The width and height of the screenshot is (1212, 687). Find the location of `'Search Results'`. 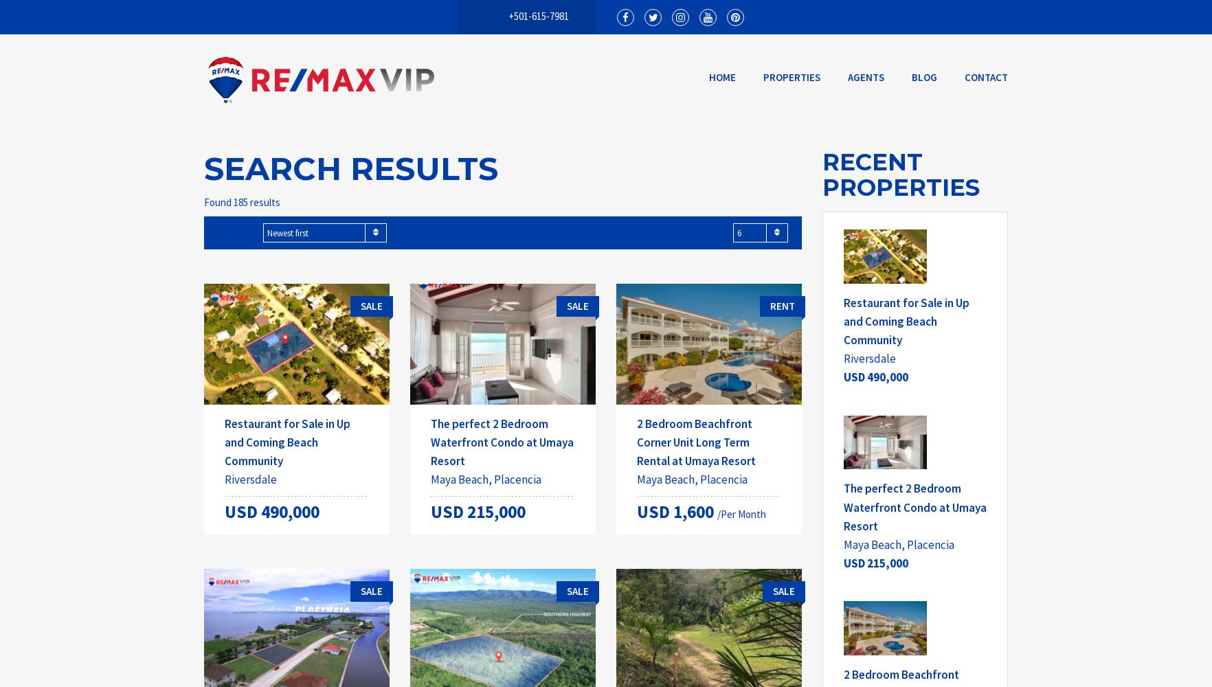

'Search Results' is located at coordinates (204, 168).